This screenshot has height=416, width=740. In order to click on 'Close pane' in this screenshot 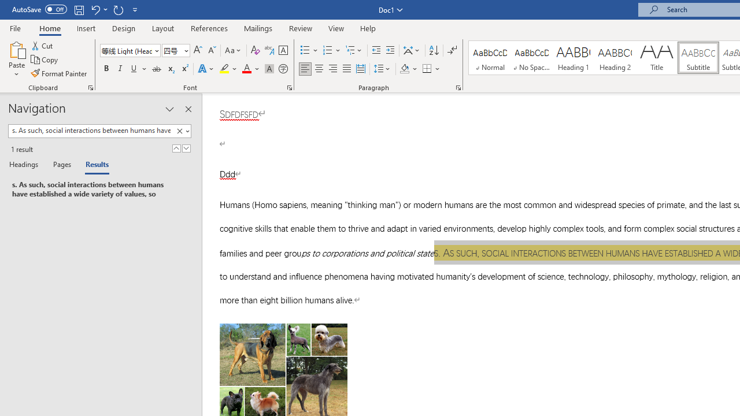, I will do `click(188, 109)`.